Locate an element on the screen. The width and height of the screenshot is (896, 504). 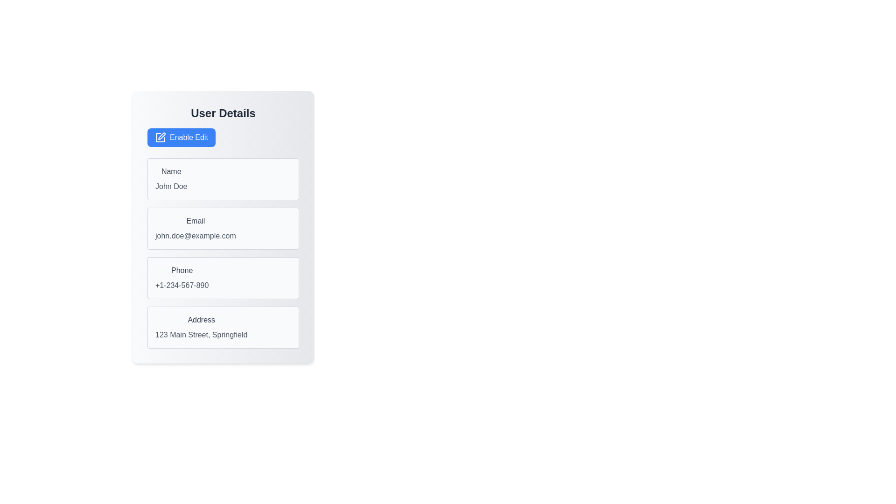
the edit action icon located in the top-left section of the 'Enable Edit' button within the 'User Details' form is located at coordinates (161, 137).